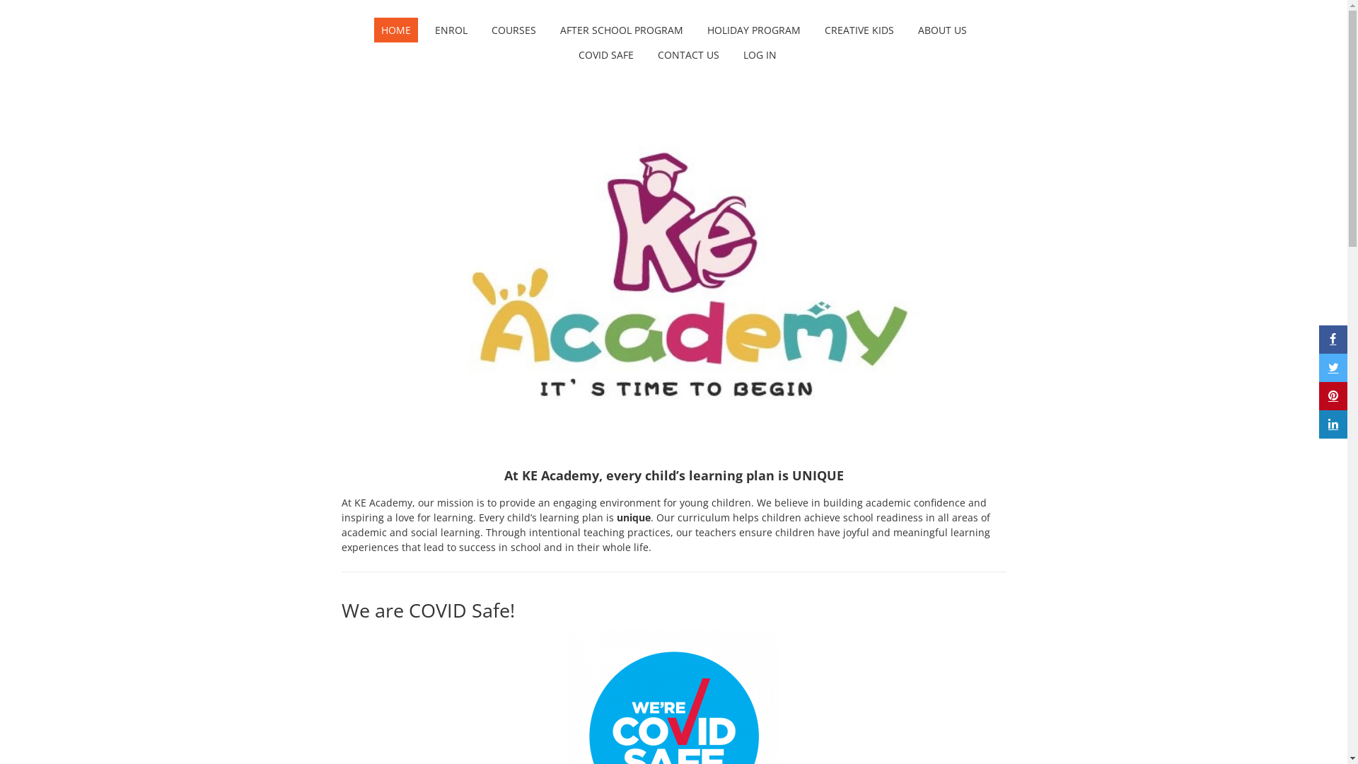  Describe the element at coordinates (395, 30) in the screenshot. I see `'HOME'` at that location.